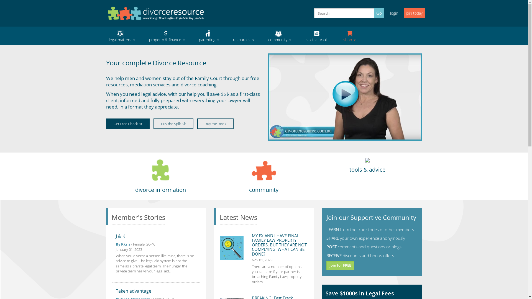  Describe the element at coordinates (244, 36) in the screenshot. I see `'resources'` at that location.